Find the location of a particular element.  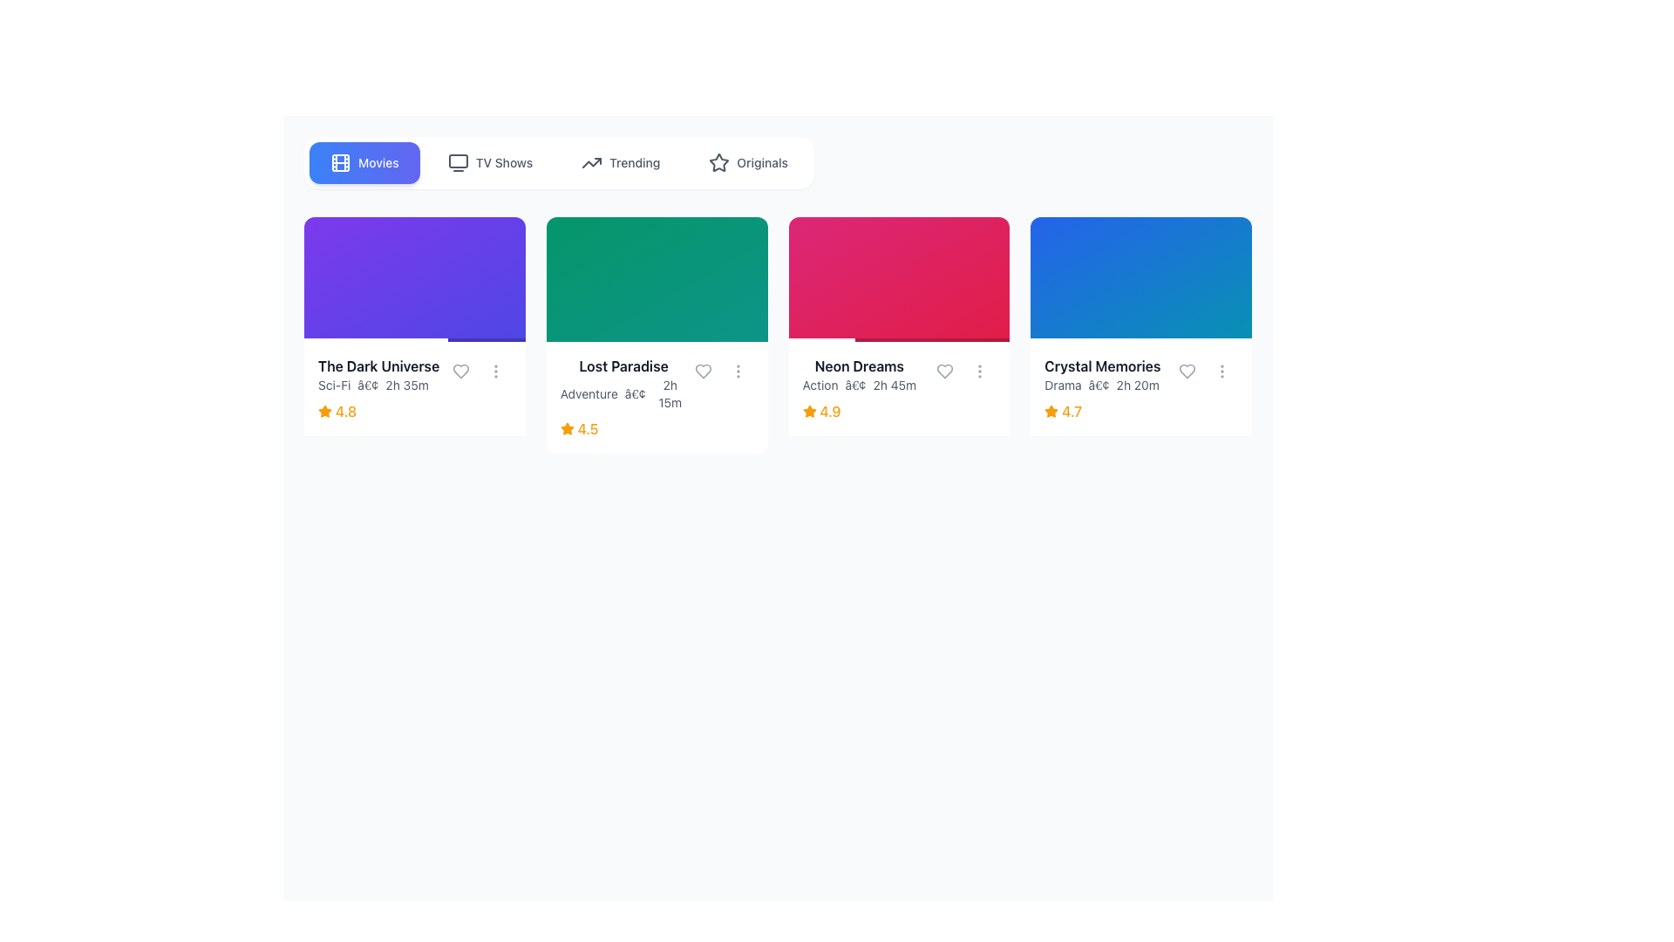

the fourth navigation button in the horizontal navigation bar is located at coordinates (748, 162).